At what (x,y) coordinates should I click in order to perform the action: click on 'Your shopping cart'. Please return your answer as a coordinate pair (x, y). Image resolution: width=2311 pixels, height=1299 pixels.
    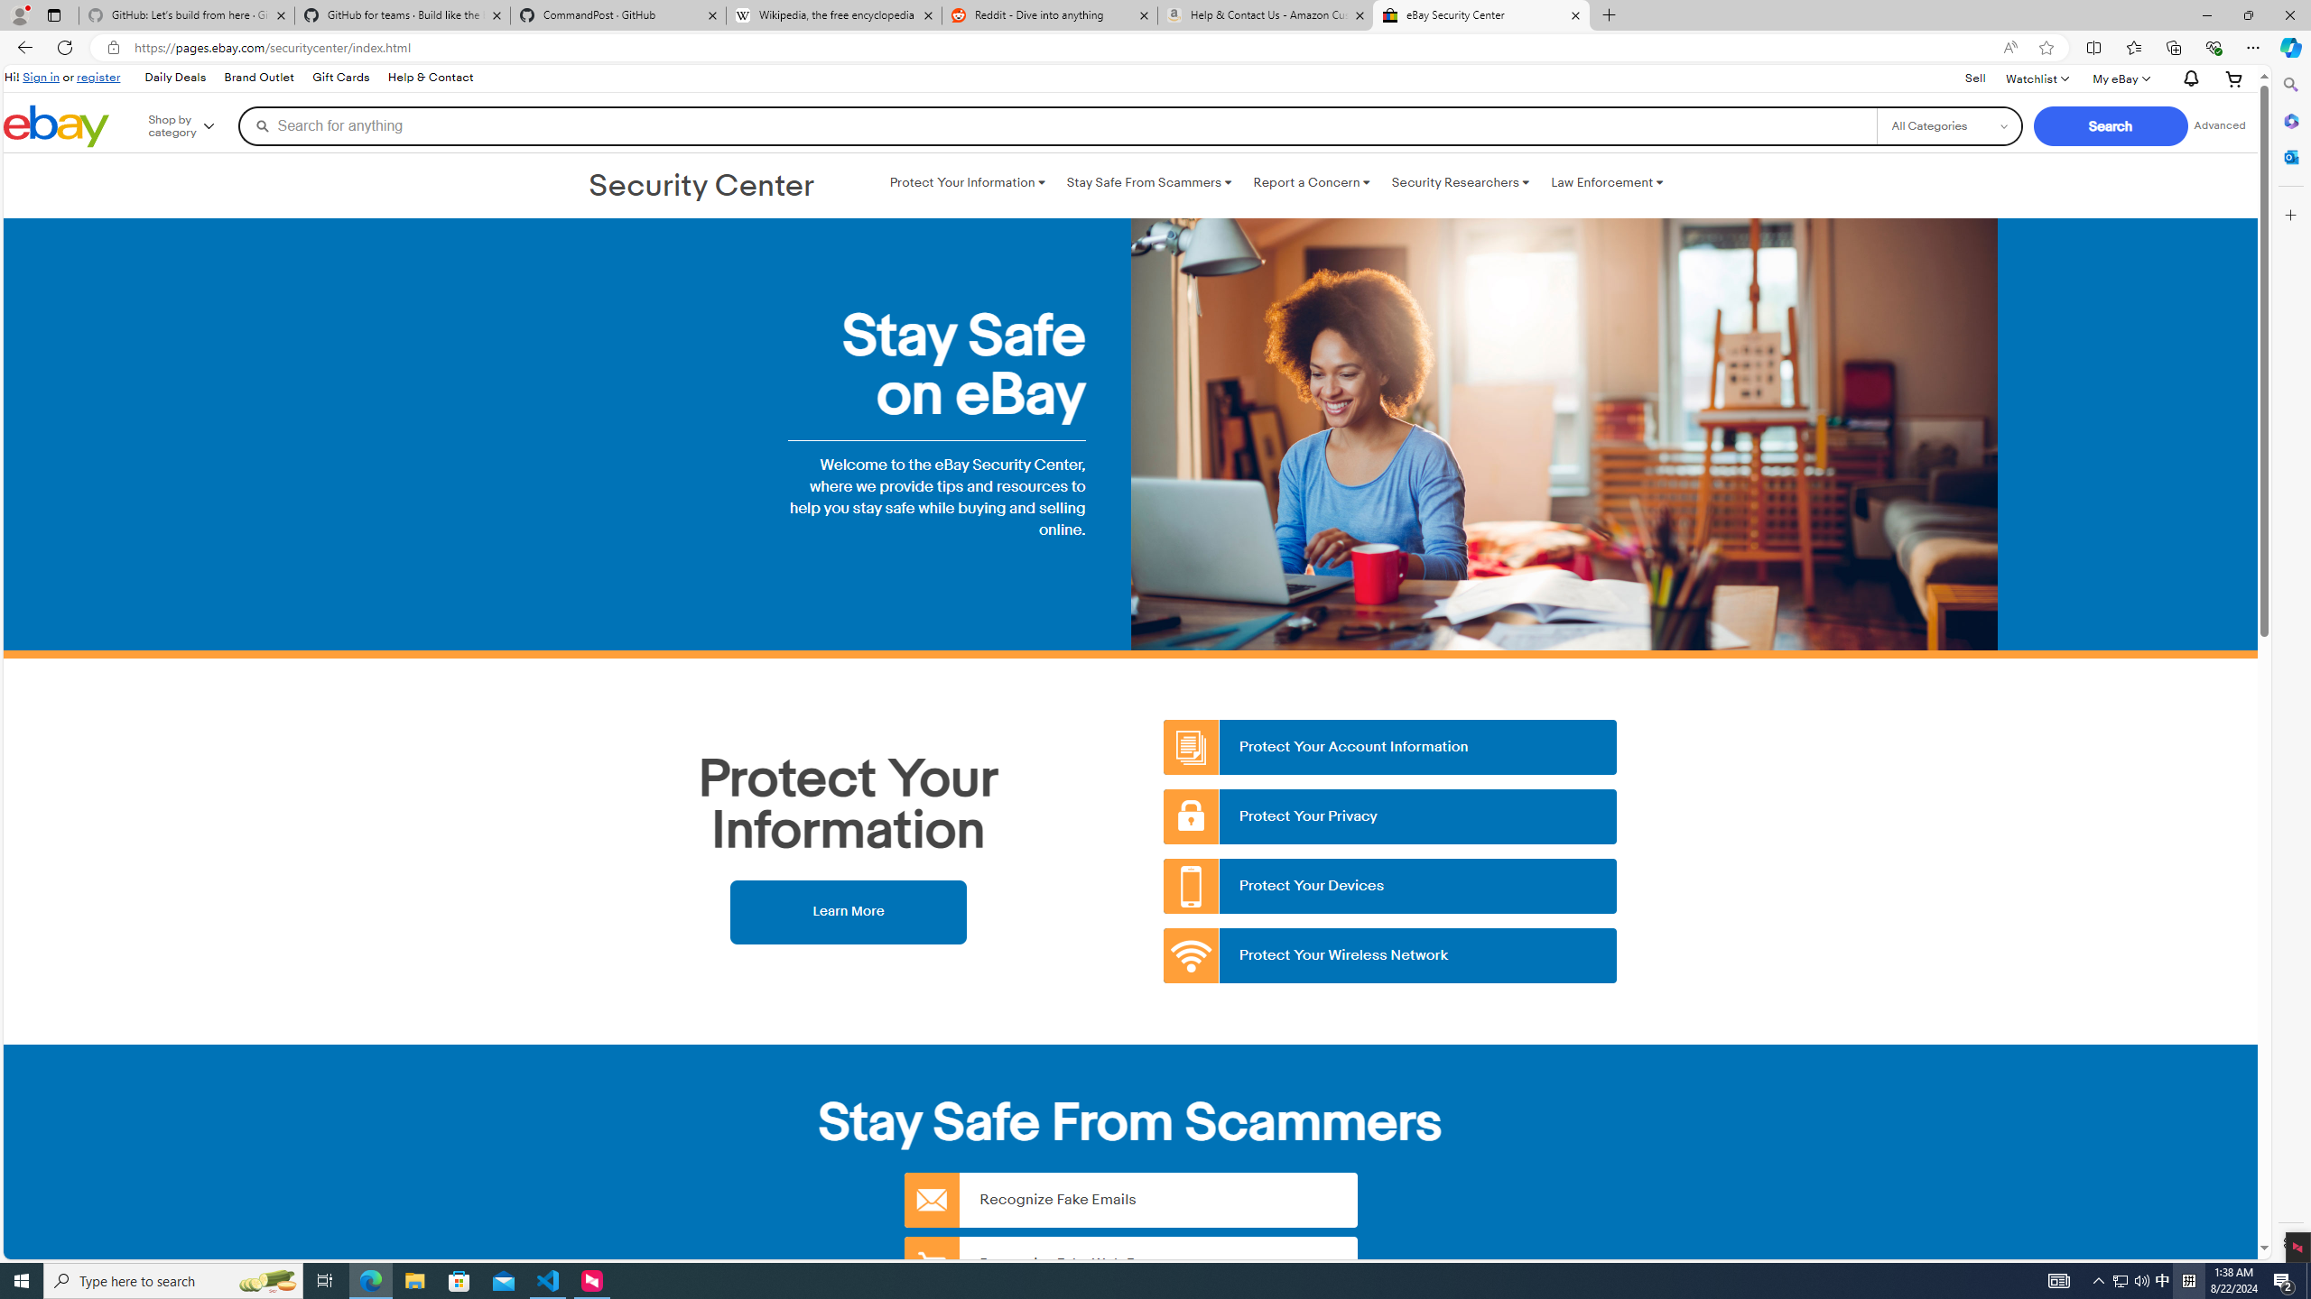
    Looking at the image, I should click on (2233, 78).